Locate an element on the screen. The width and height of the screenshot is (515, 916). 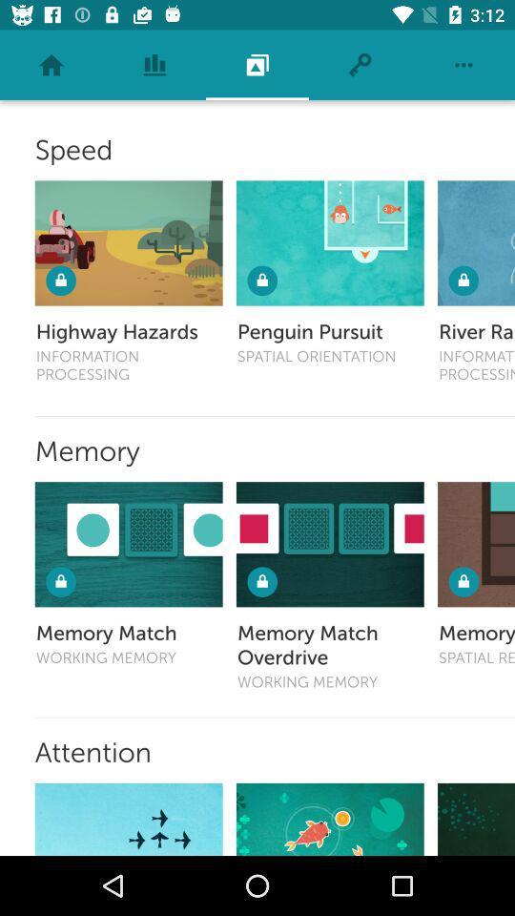
open game is located at coordinates (475, 818).